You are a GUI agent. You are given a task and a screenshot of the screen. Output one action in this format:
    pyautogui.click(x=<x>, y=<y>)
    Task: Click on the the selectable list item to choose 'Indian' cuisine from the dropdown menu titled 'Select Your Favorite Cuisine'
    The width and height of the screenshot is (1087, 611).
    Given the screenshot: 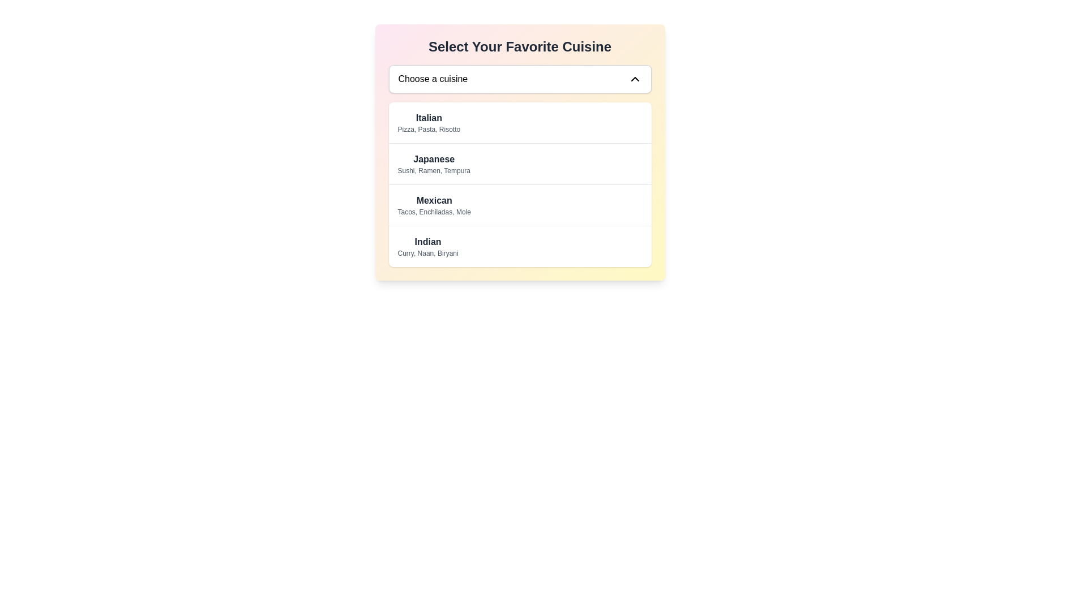 What is the action you would take?
    pyautogui.click(x=427, y=246)
    